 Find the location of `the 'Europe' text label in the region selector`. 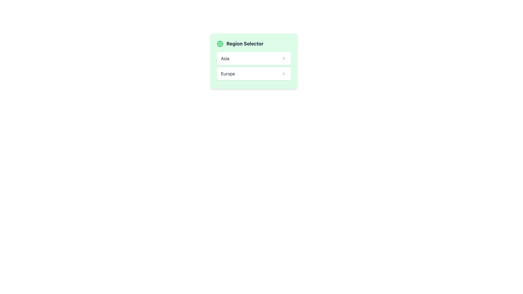

the 'Europe' text label in the region selector is located at coordinates (228, 73).